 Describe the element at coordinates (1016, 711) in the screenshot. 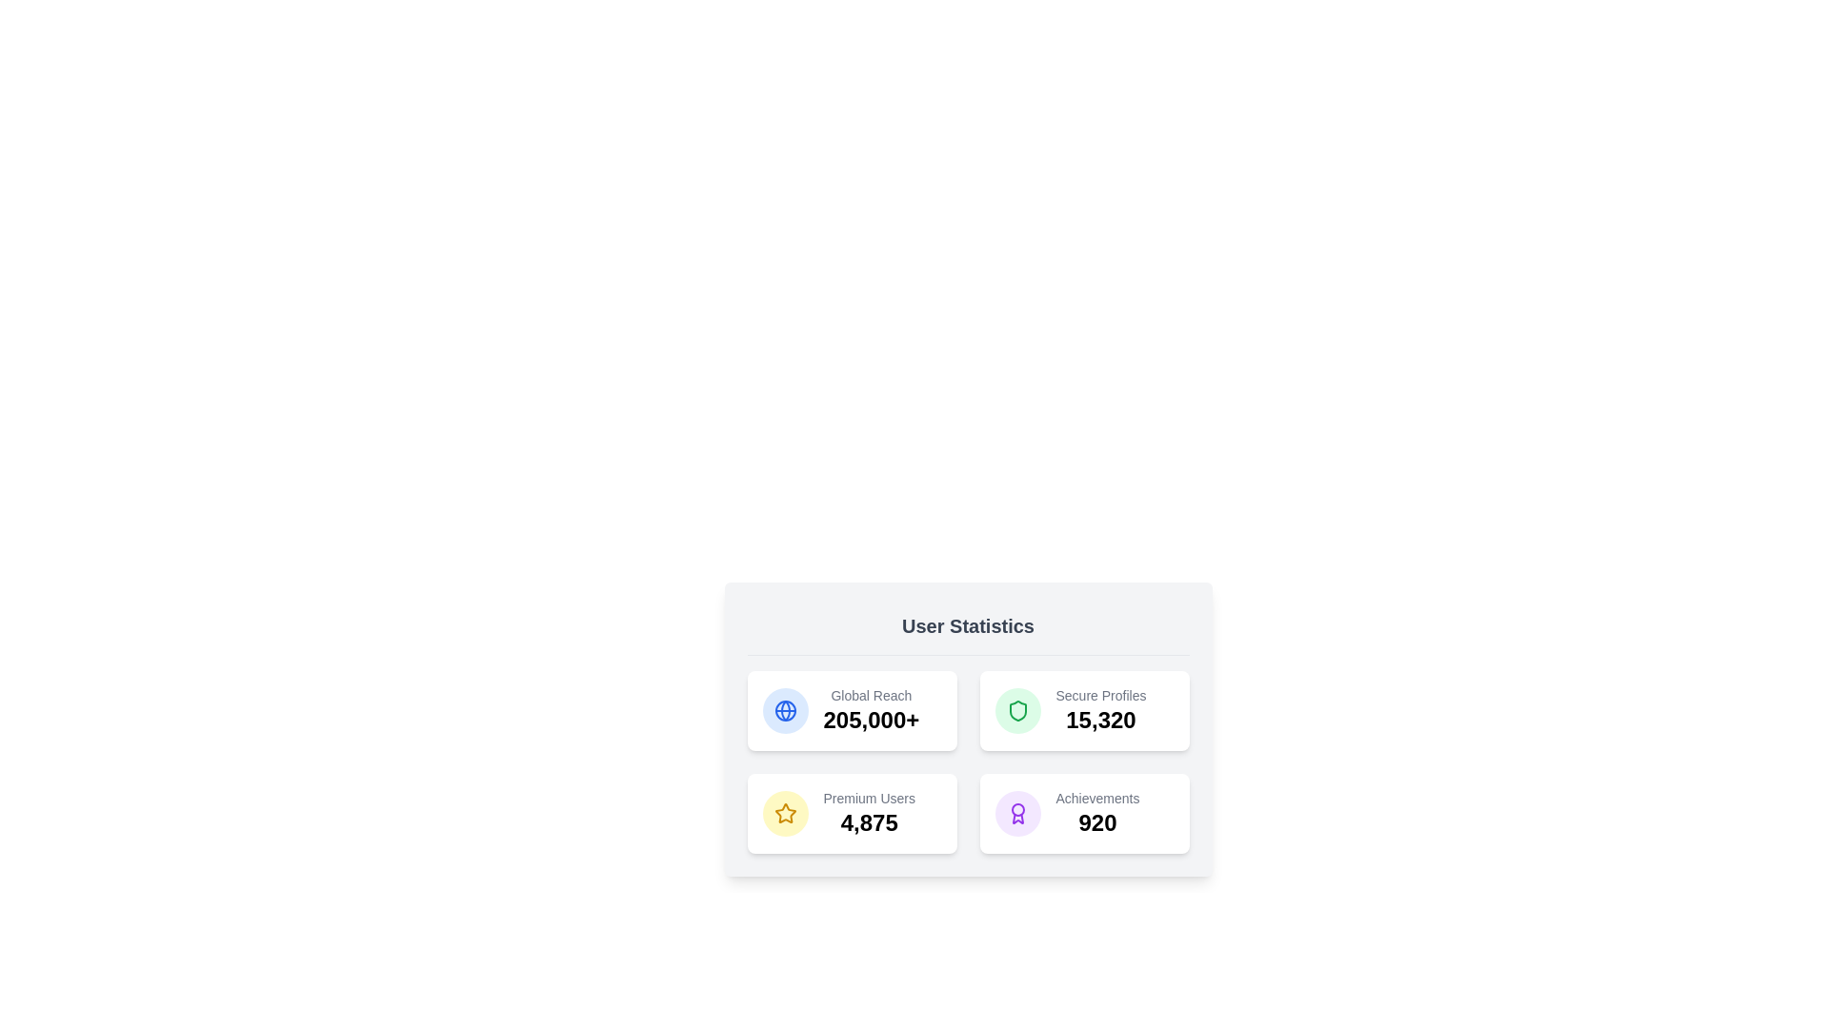

I see `the green shield icon representing the 'Secure Profiles' statistic, which displays the number '15,320'` at that location.